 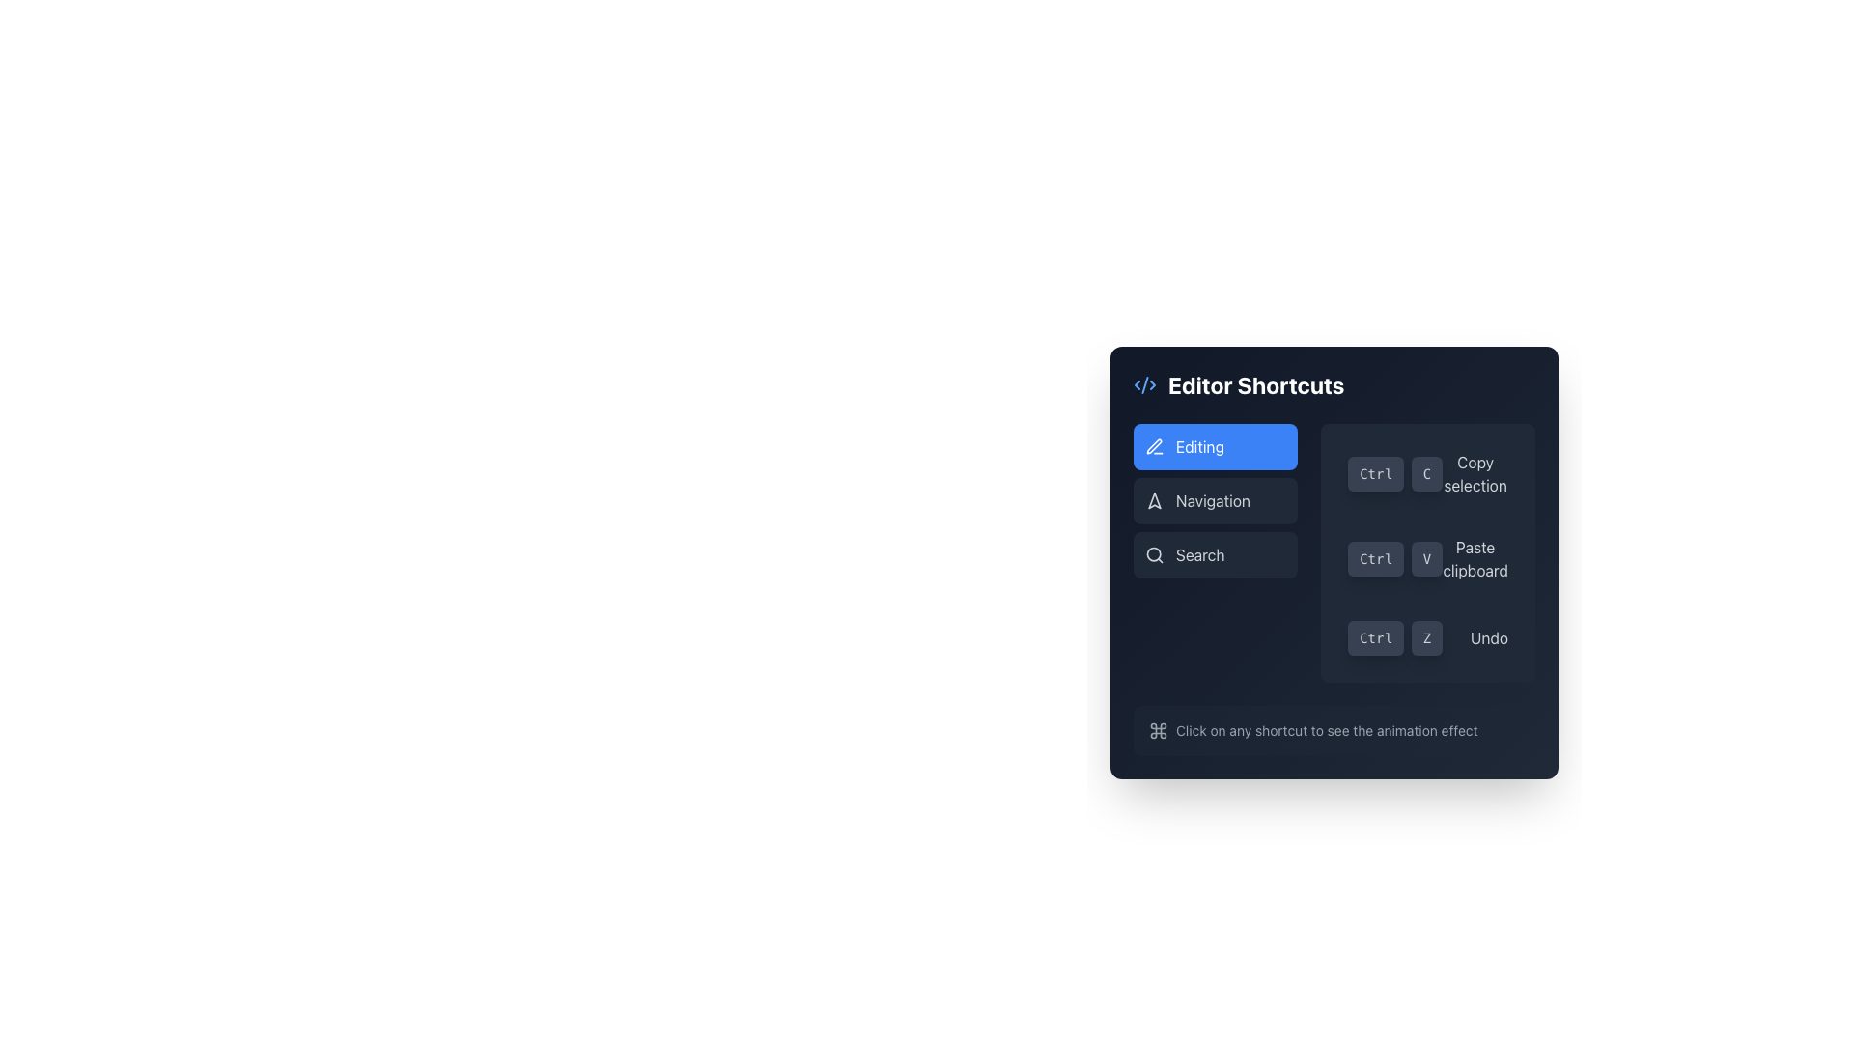 What do you see at coordinates (1144, 384) in the screenshot?
I see `the small blue XML code icon located to the immediate left of the 'Editor Shortcuts' text in the header of the panel` at bounding box center [1144, 384].